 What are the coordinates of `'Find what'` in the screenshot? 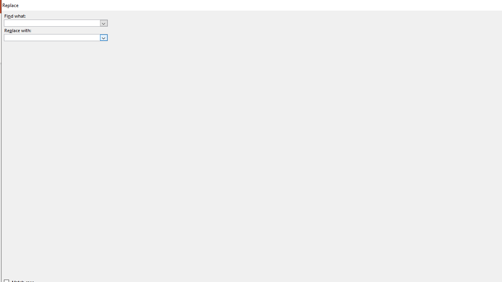 It's located at (55, 22).